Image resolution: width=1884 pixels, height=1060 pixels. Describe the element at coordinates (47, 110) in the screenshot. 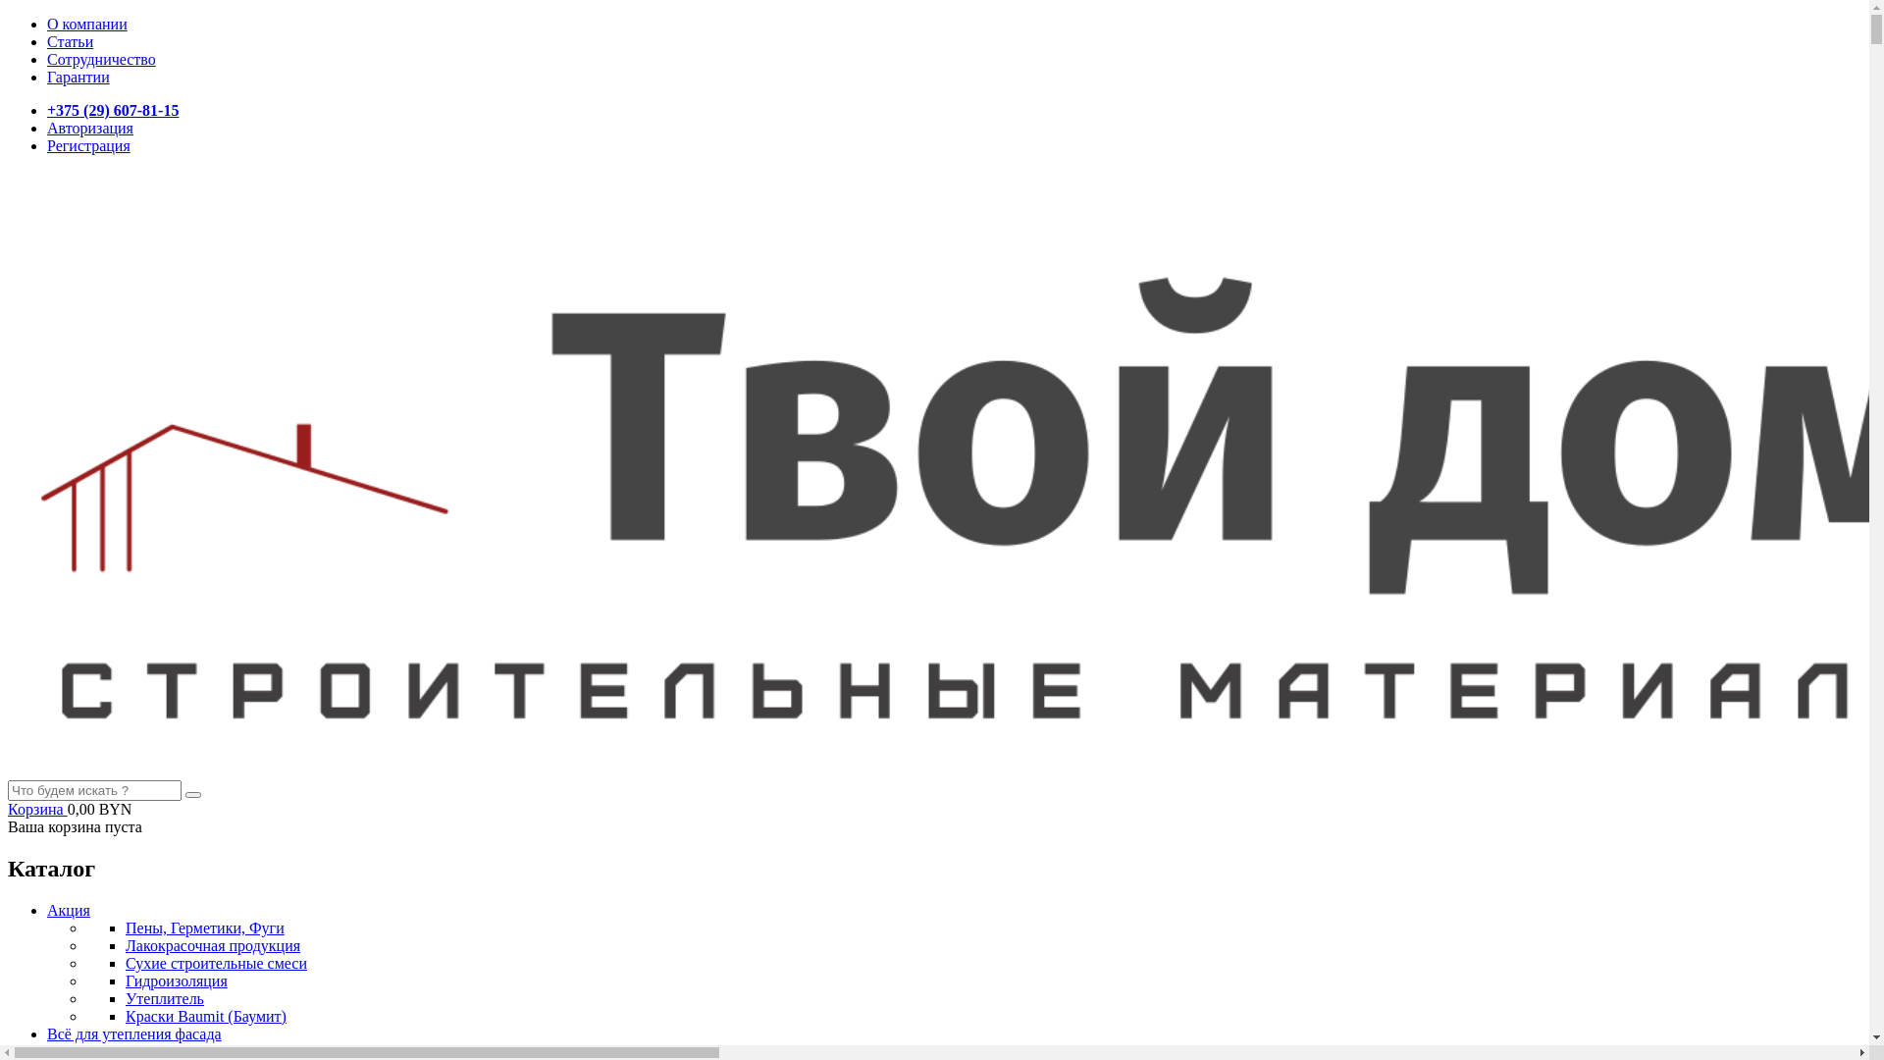

I see `'+375 (29) 607-81-15'` at that location.